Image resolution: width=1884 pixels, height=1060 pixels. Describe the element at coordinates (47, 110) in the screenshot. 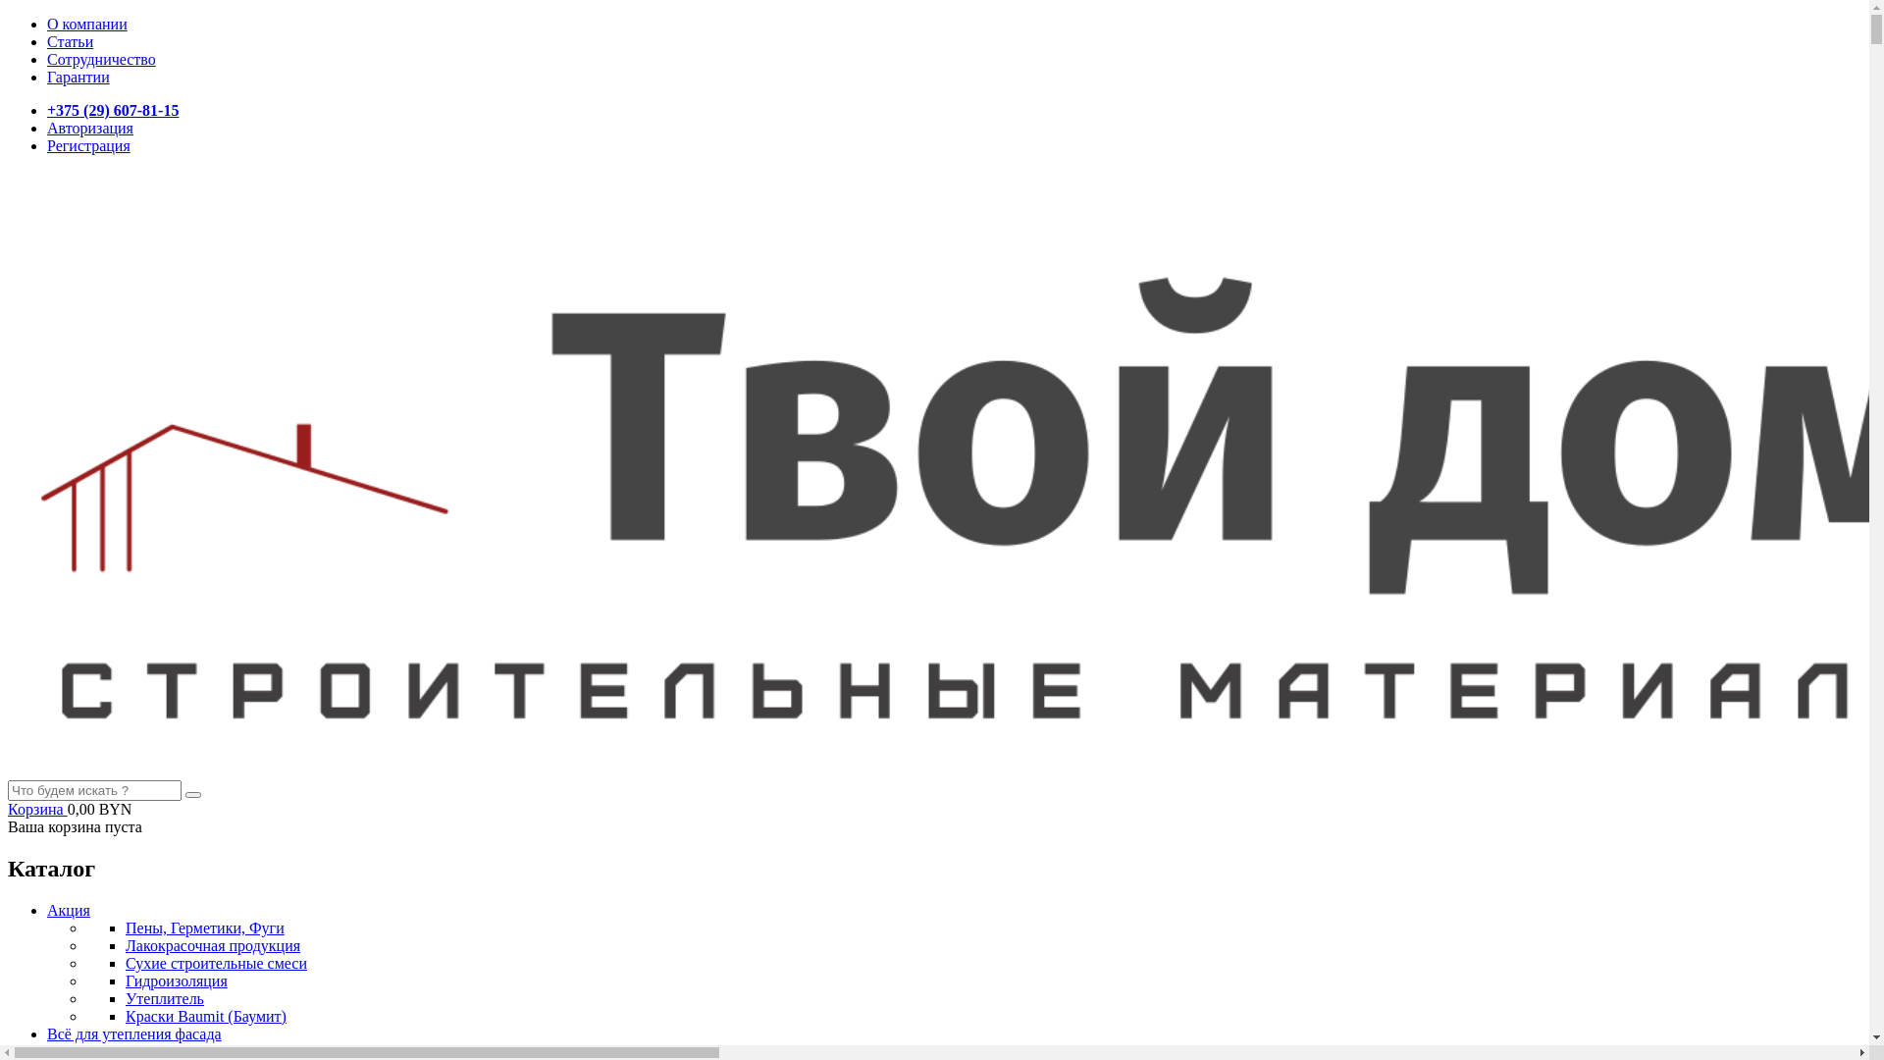

I see `'+375 (29) 607-81-15'` at that location.